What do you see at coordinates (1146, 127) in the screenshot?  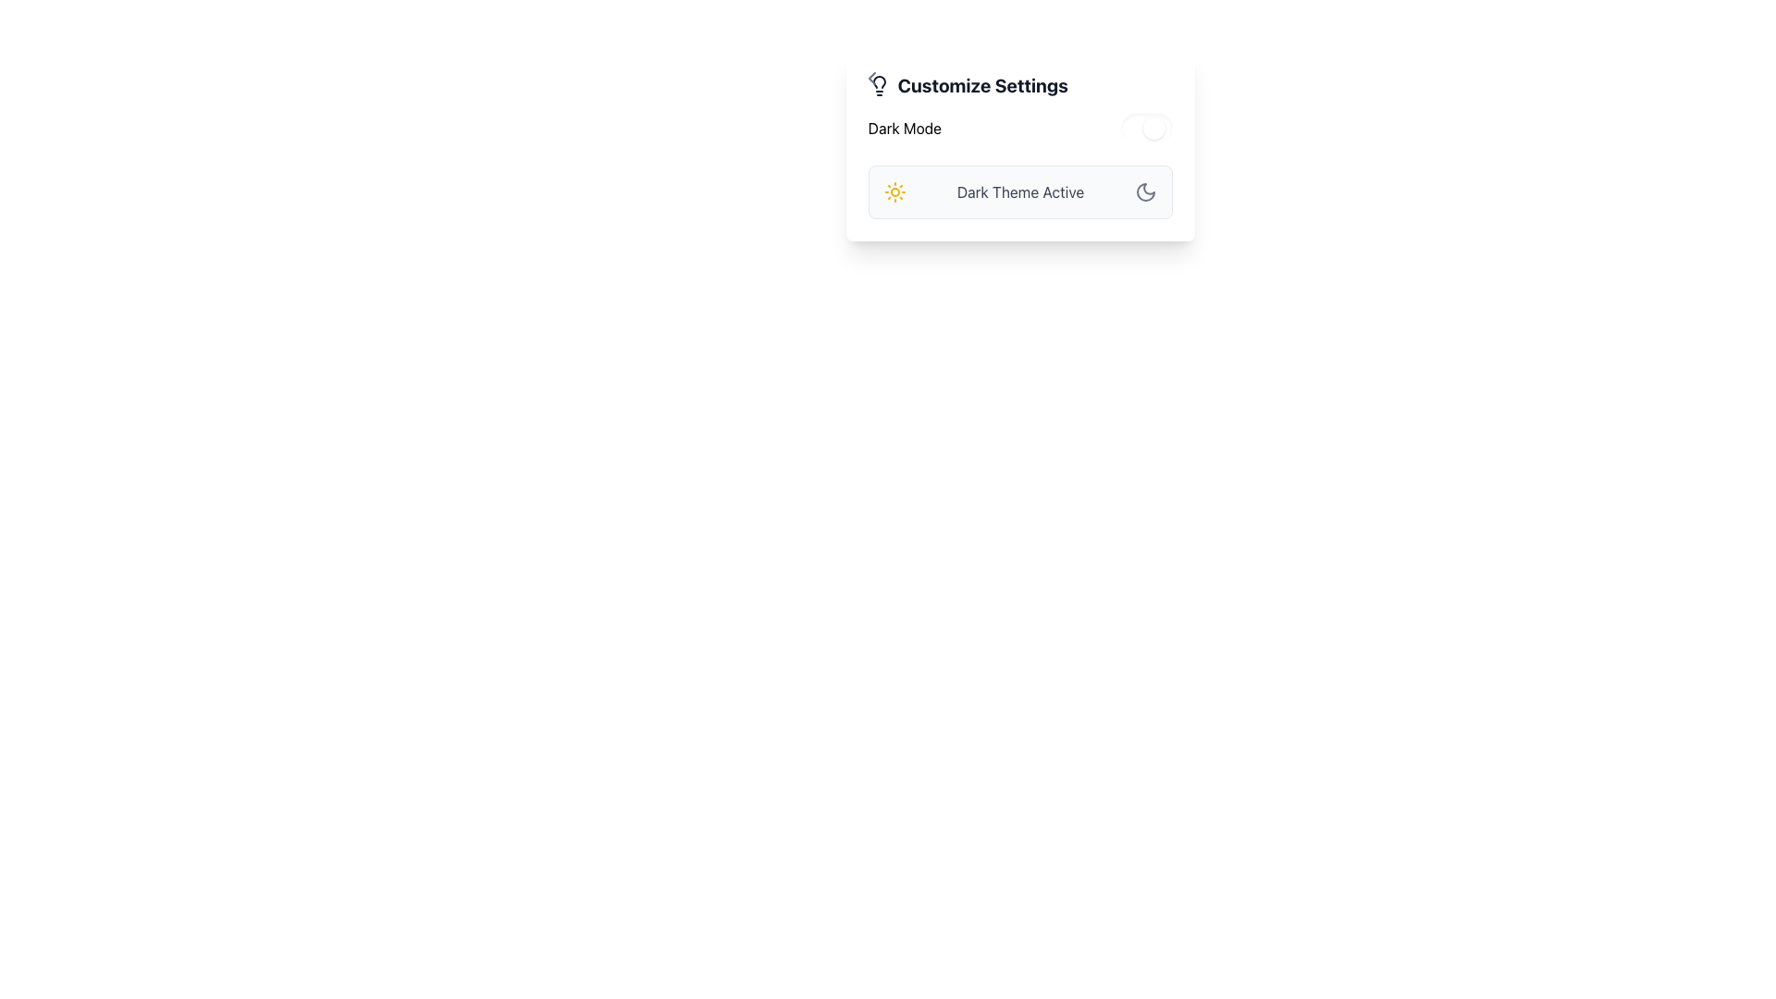 I see `the toggle switch for 'Dark Mode', which is styled with a blue background and a white circular handle indicating an 'on' state` at bounding box center [1146, 127].